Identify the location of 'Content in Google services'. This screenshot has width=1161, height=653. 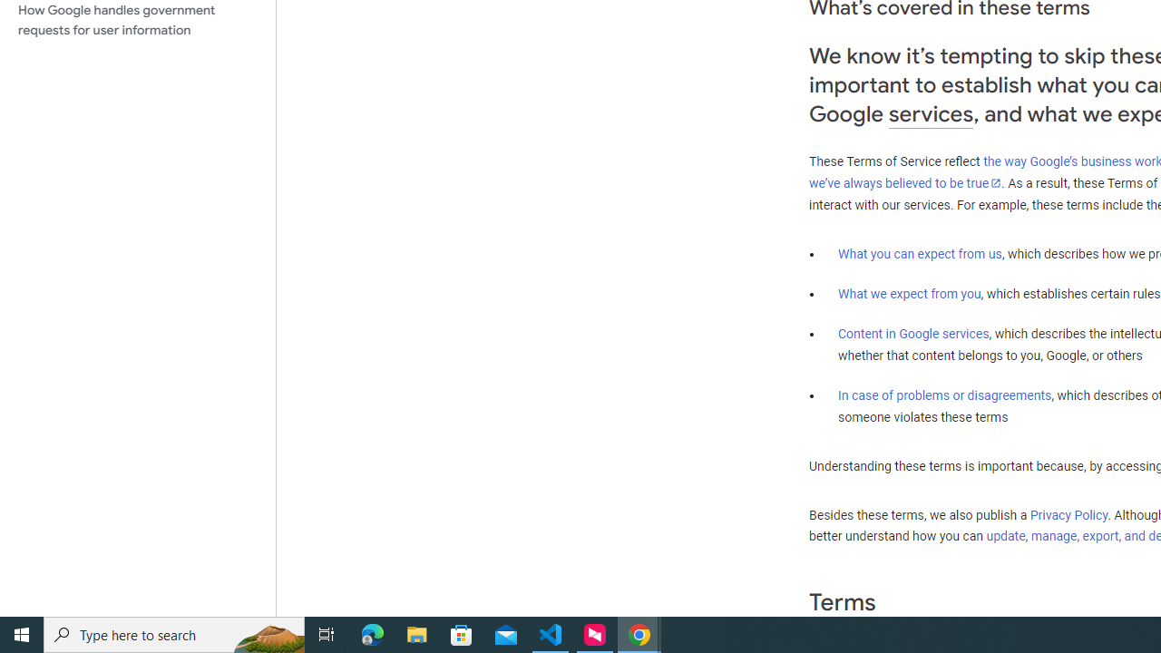
(913, 334).